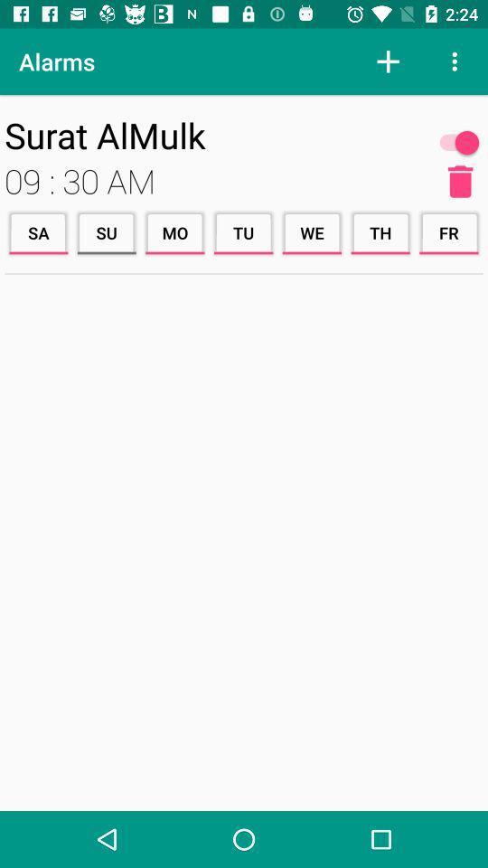 This screenshot has height=868, width=488. Describe the element at coordinates (311, 231) in the screenshot. I see `we item` at that location.